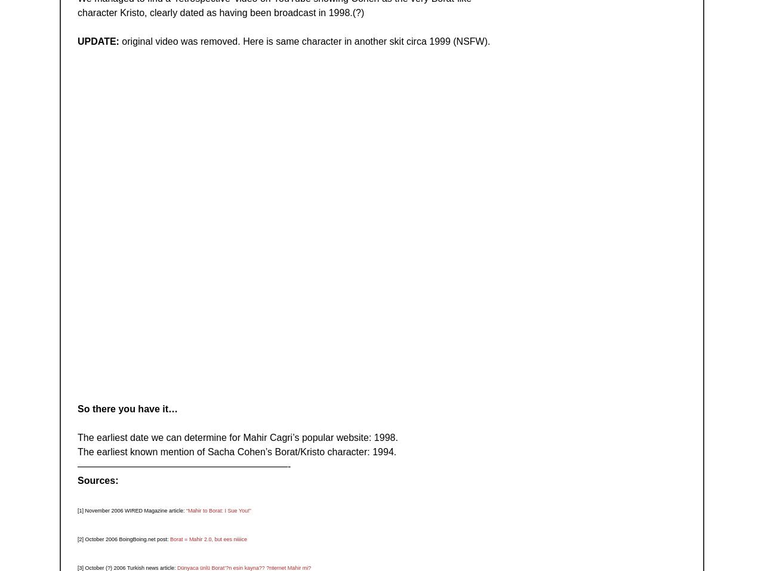  Describe the element at coordinates (127, 567) in the screenshot. I see `'[3] October (?) 2006 Turkish news article:'` at that location.